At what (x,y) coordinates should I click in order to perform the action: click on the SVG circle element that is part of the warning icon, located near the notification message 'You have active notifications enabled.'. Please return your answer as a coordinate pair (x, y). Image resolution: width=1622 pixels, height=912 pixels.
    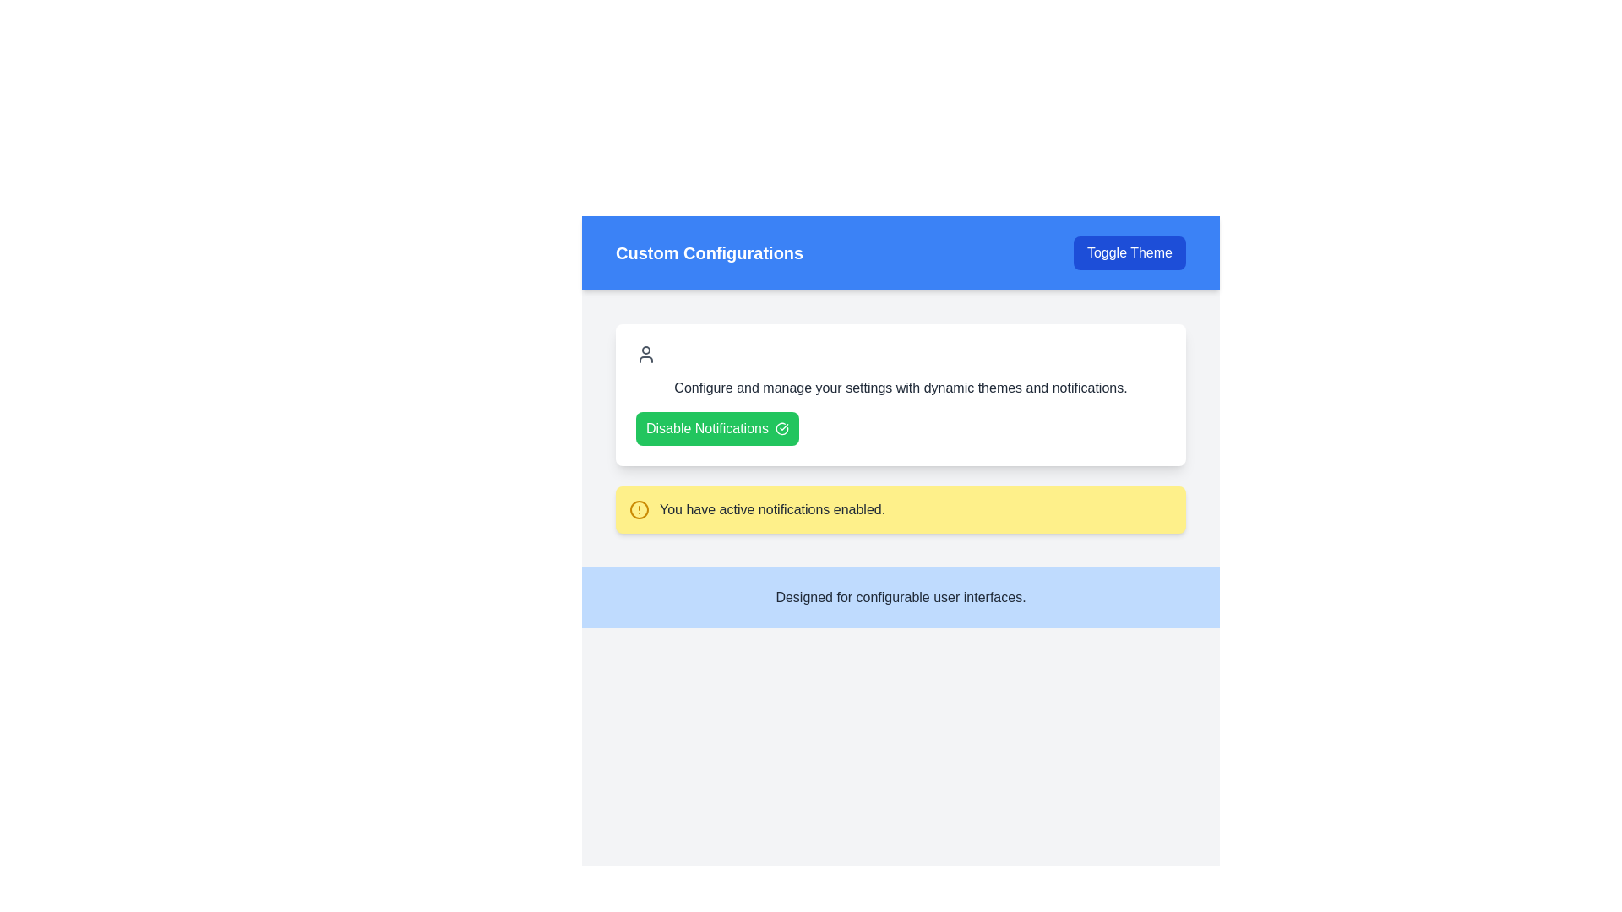
    Looking at the image, I should click on (639, 509).